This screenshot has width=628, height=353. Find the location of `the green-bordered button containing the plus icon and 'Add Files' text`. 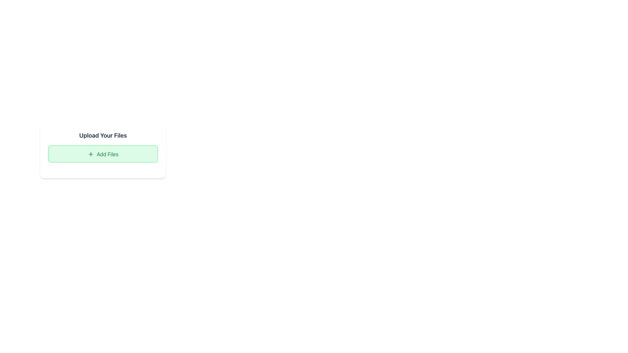

the green-bordered button containing the plus icon and 'Add Files' text is located at coordinates (90, 154).